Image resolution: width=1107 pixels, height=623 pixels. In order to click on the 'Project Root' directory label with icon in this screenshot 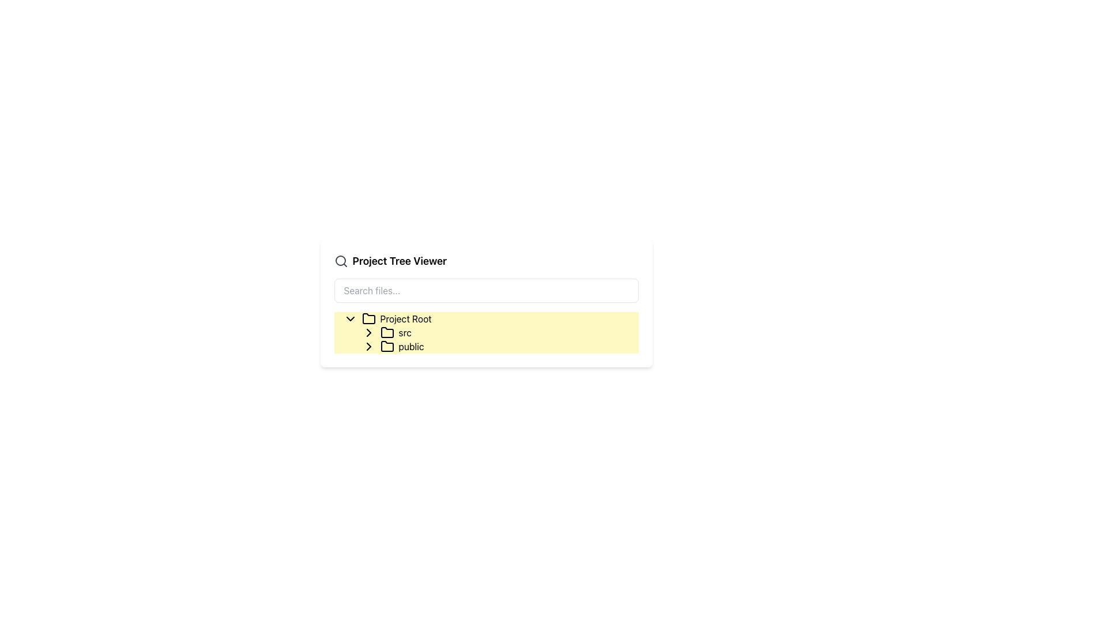, I will do `click(397, 318)`.